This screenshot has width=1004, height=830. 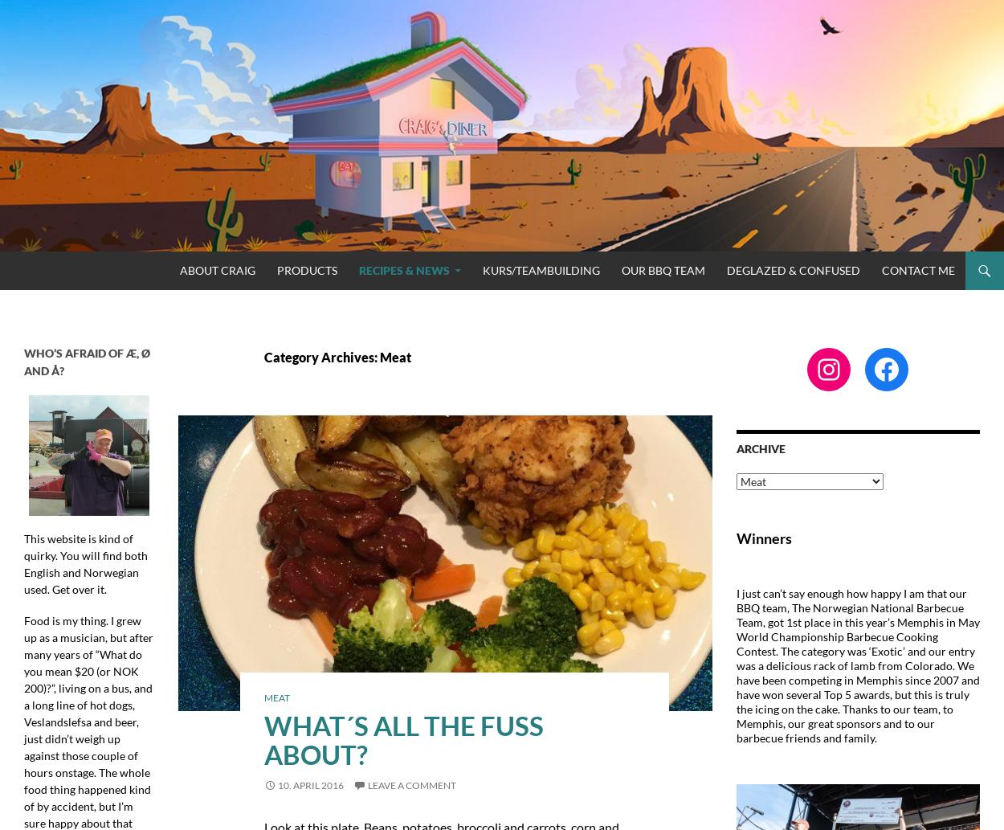 I want to click on 'Leave a comment', so click(x=411, y=783).